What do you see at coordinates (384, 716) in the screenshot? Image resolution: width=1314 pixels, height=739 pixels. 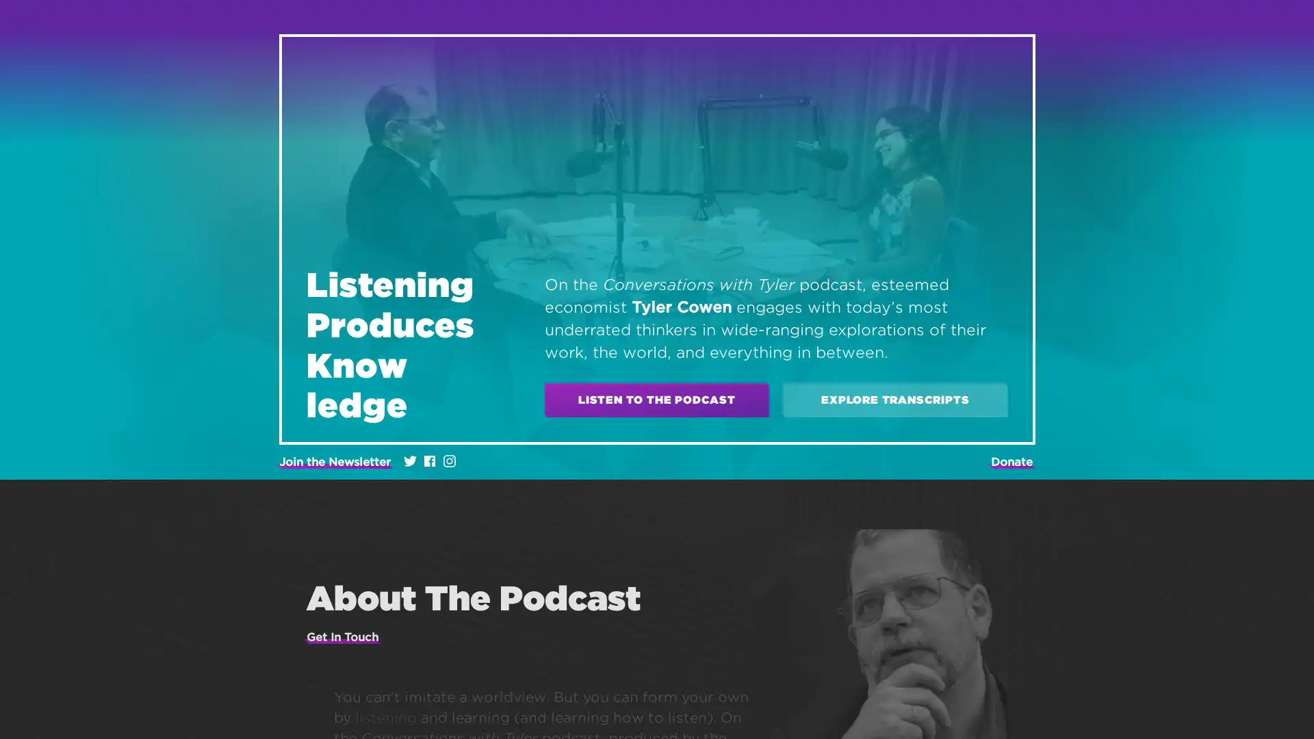 I see `listening` at bounding box center [384, 716].